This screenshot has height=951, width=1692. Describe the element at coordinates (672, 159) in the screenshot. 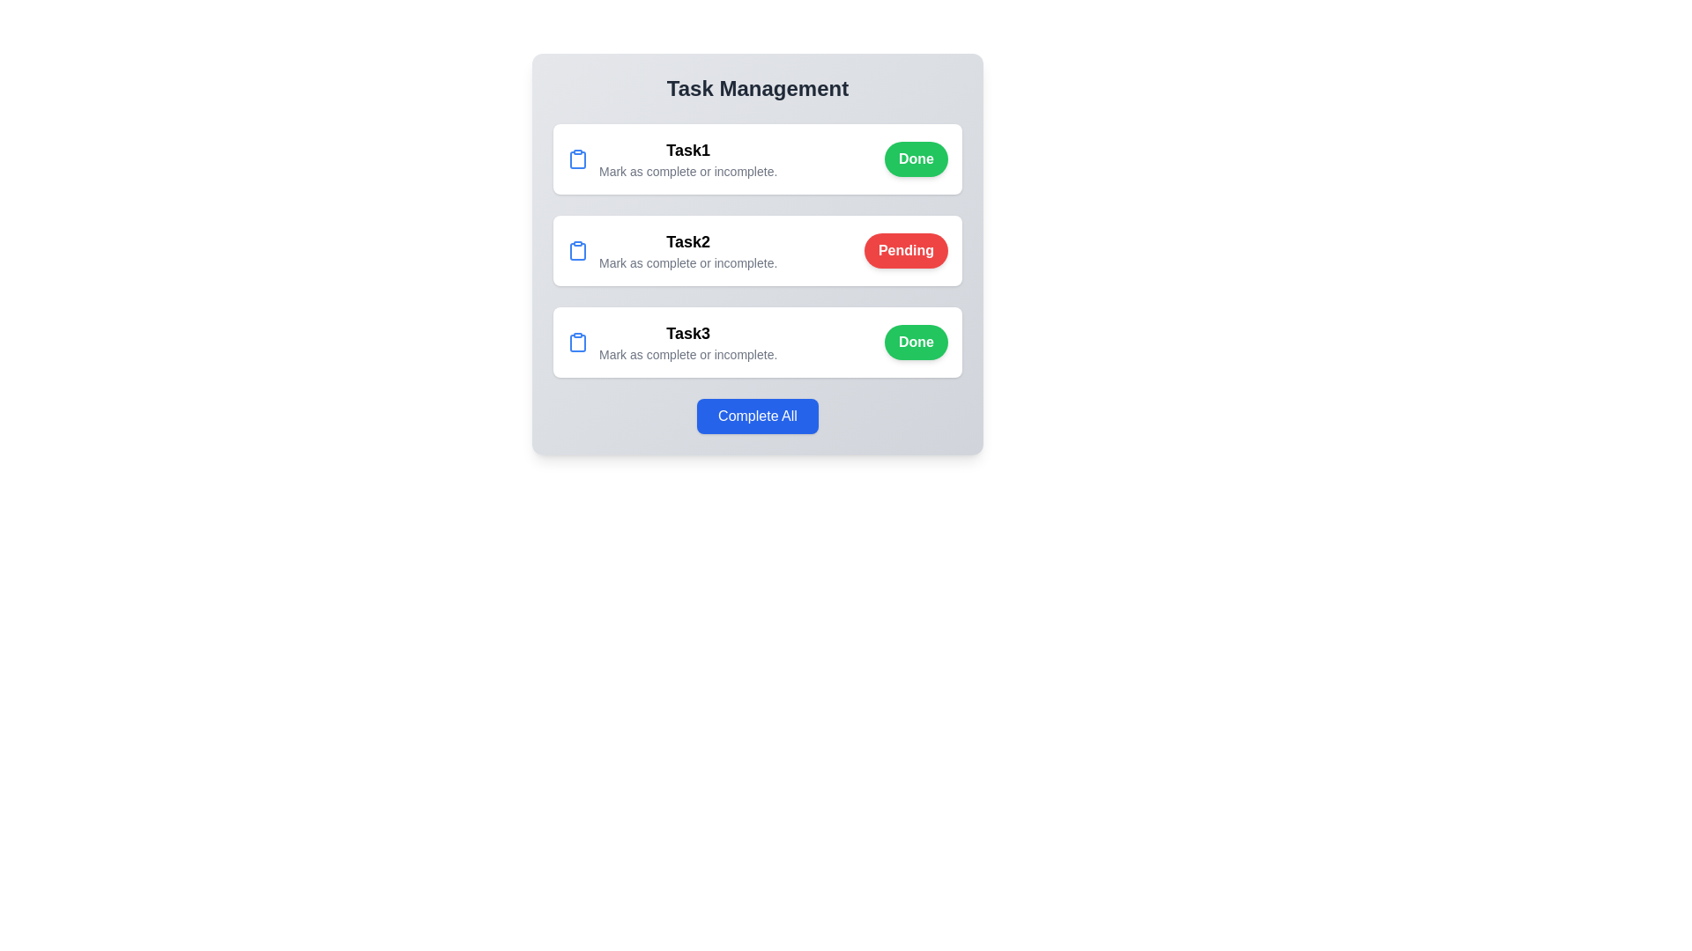

I see `the task description to read it` at that location.